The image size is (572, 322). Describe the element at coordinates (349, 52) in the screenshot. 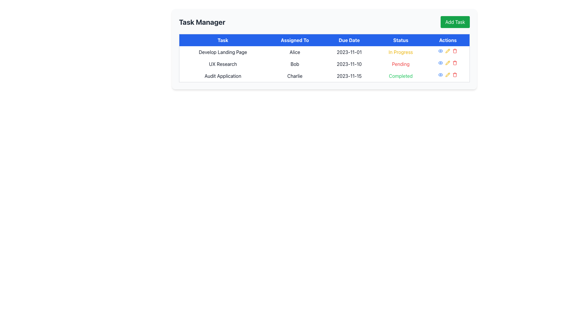

I see `the label displaying the date '2023-11-01' in the due date column of the task table, located between the 'Assigned To' column and the 'Status' column` at that location.